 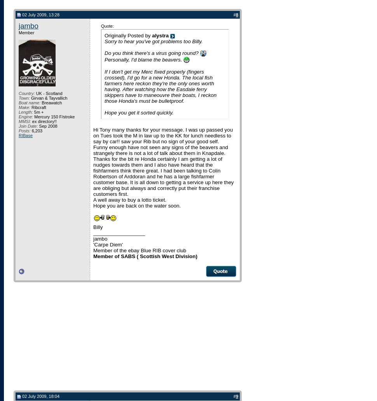 What do you see at coordinates (24, 107) in the screenshot?
I see `'Make:'` at bounding box center [24, 107].